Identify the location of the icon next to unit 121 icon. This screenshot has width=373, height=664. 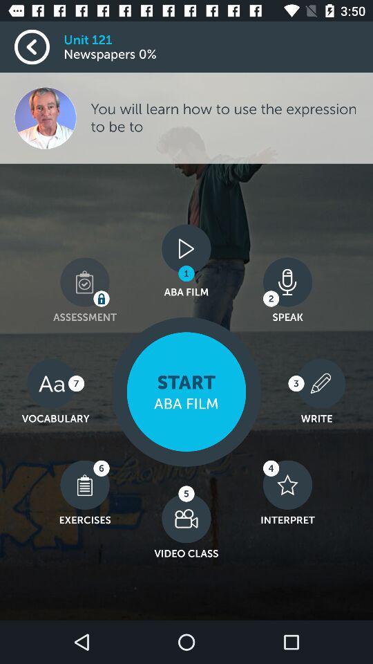
(39, 47).